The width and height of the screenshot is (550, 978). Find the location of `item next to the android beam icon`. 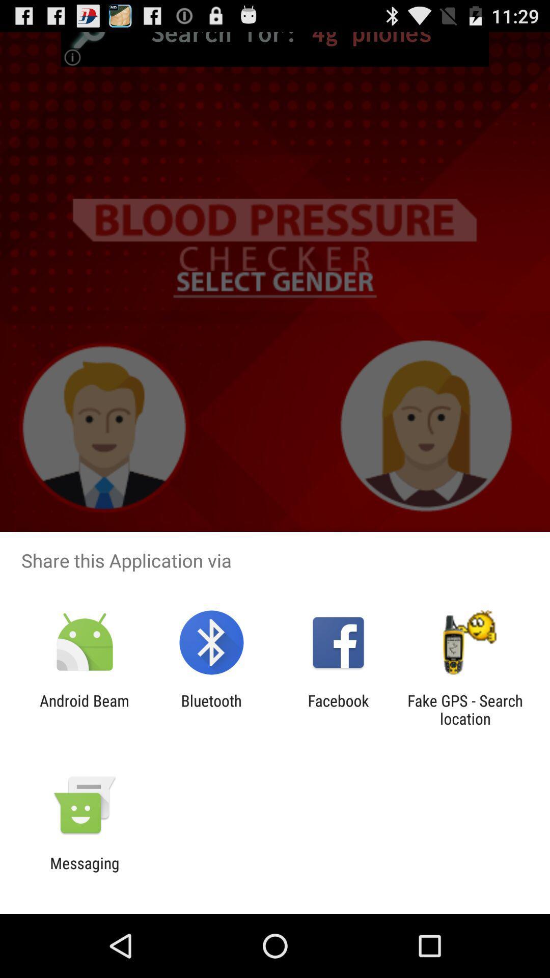

item next to the android beam icon is located at coordinates (211, 709).